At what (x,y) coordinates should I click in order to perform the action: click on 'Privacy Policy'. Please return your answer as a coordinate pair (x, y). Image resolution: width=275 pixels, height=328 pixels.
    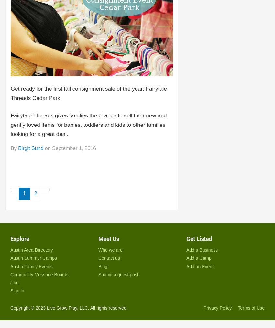
    Looking at the image, I should click on (217, 308).